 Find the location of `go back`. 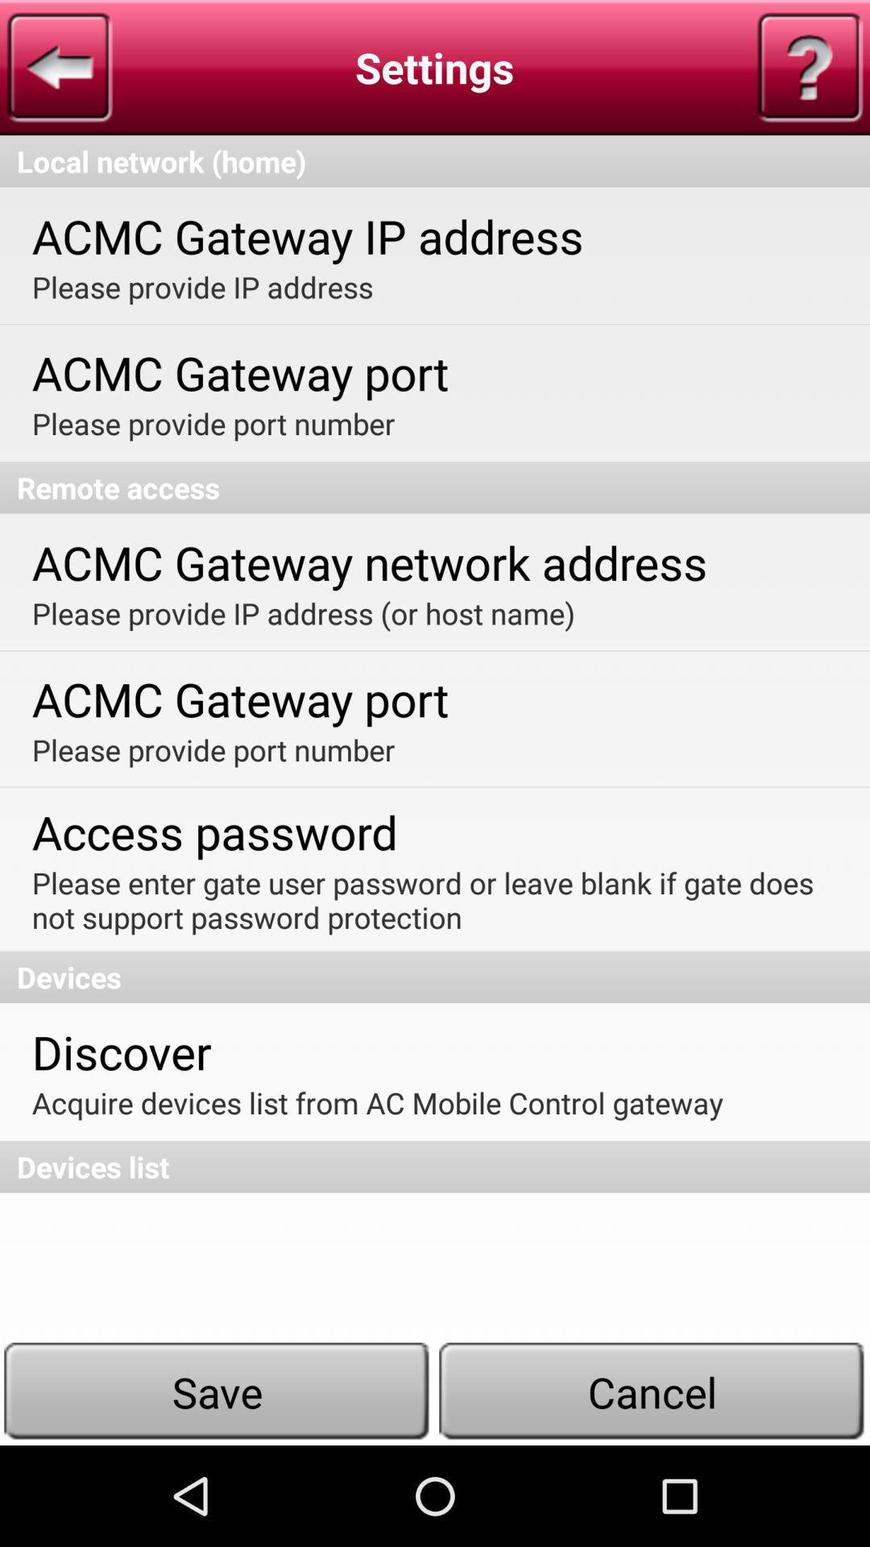

go back is located at coordinates (59, 66).